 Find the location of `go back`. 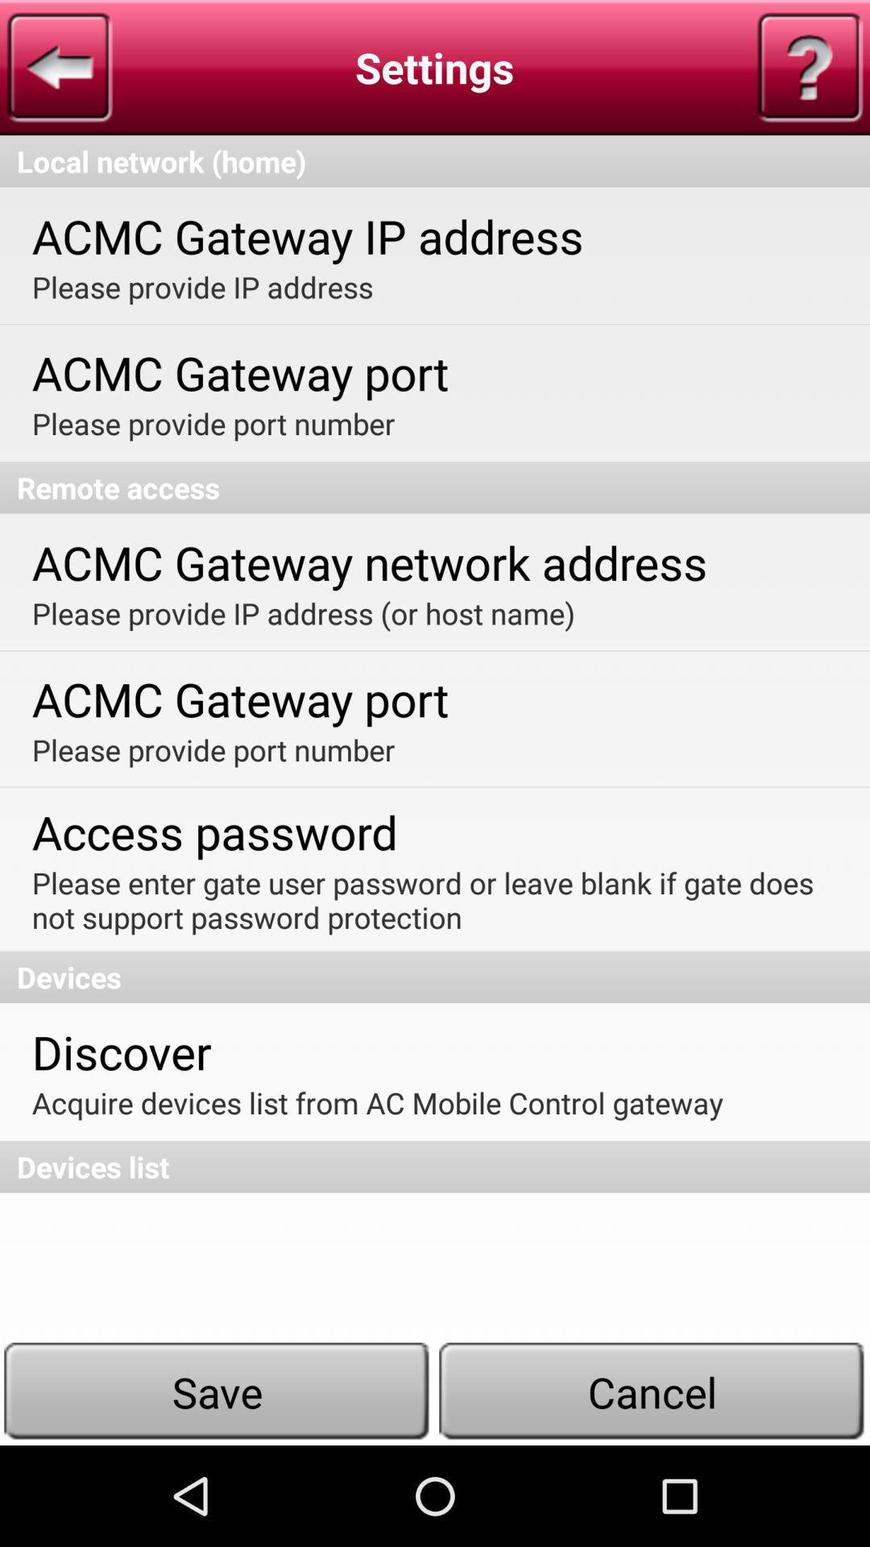

go back is located at coordinates (59, 66).